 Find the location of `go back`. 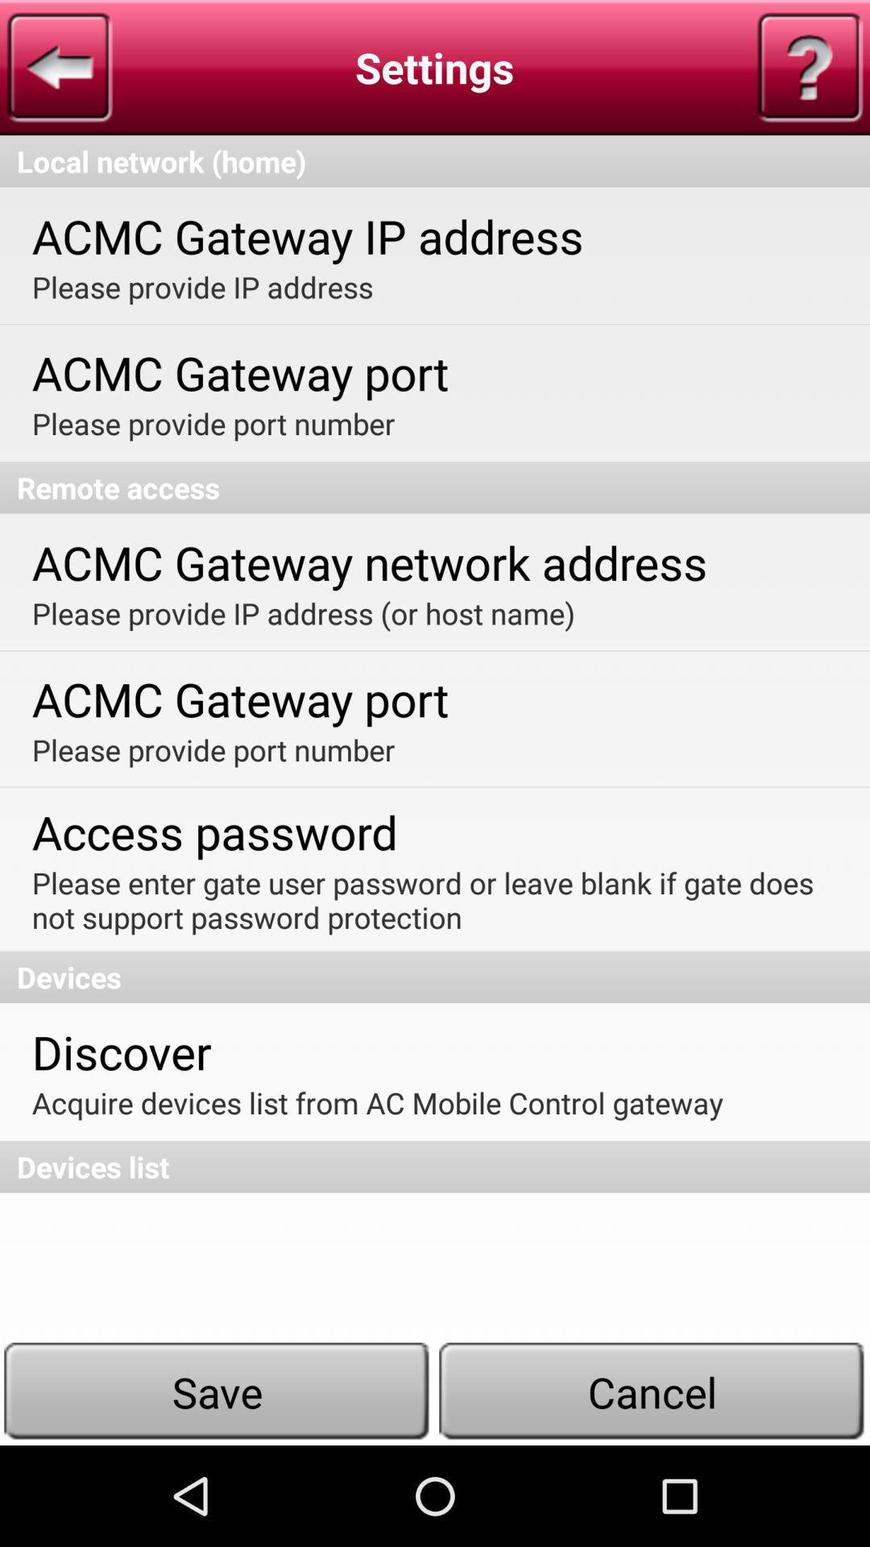

go back is located at coordinates (59, 66).